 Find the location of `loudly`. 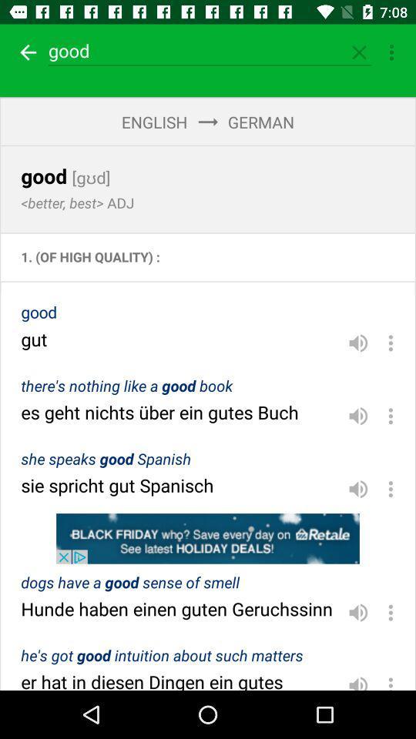

loudly is located at coordinates (358, 613).